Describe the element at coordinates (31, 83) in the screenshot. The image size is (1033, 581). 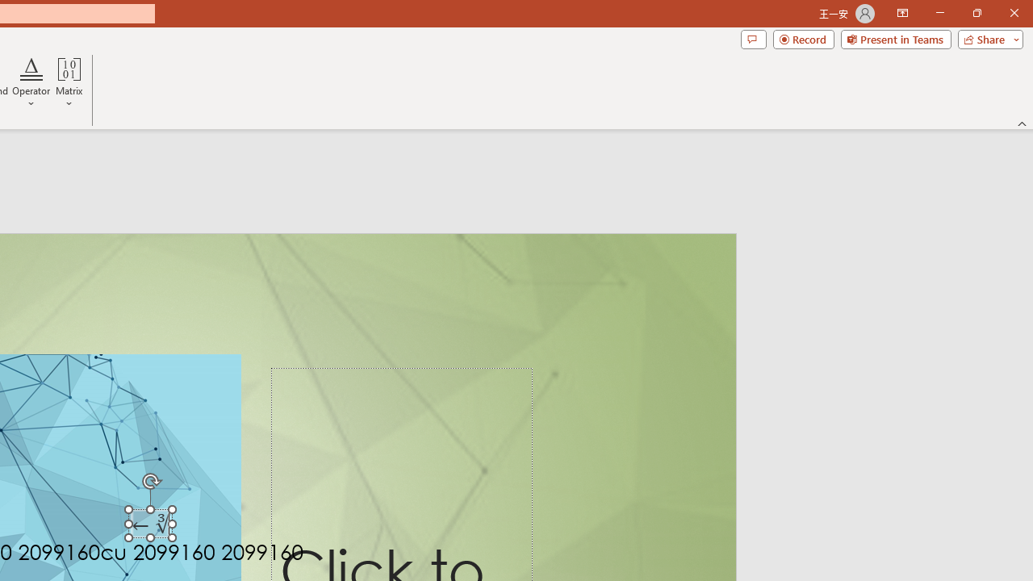
I see `'Operator'` at that location.